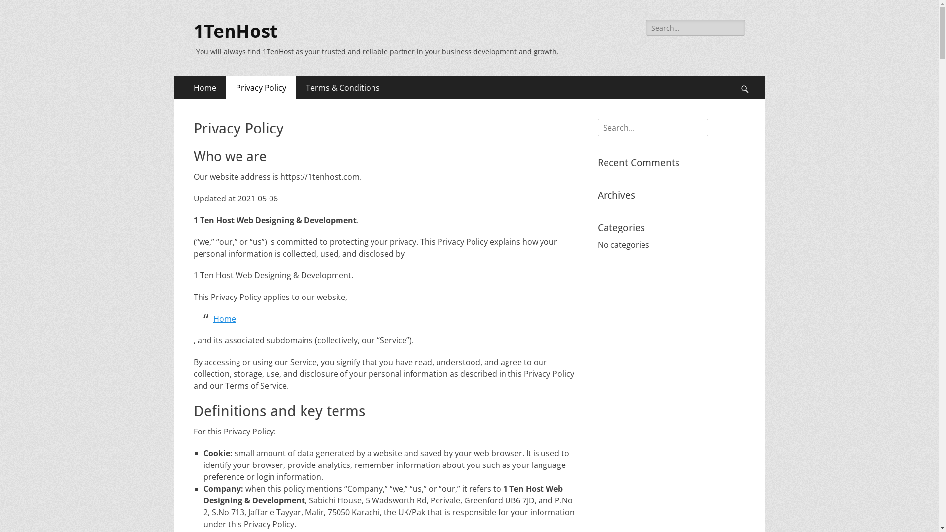 The image size is (946, 532). I want to click on 'Terms & Conditions', so click(342, 87).